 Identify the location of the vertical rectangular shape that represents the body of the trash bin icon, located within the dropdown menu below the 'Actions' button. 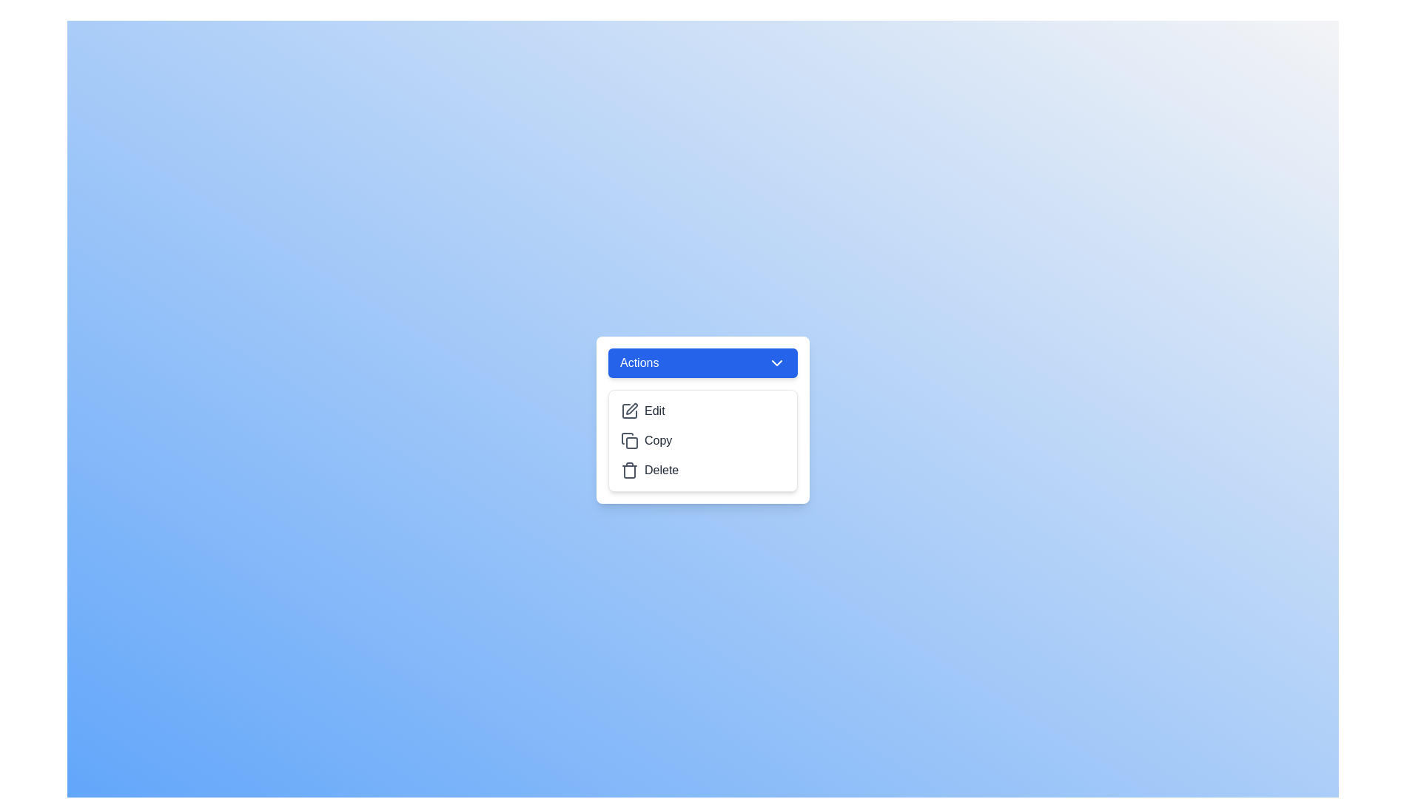
(629, 471).